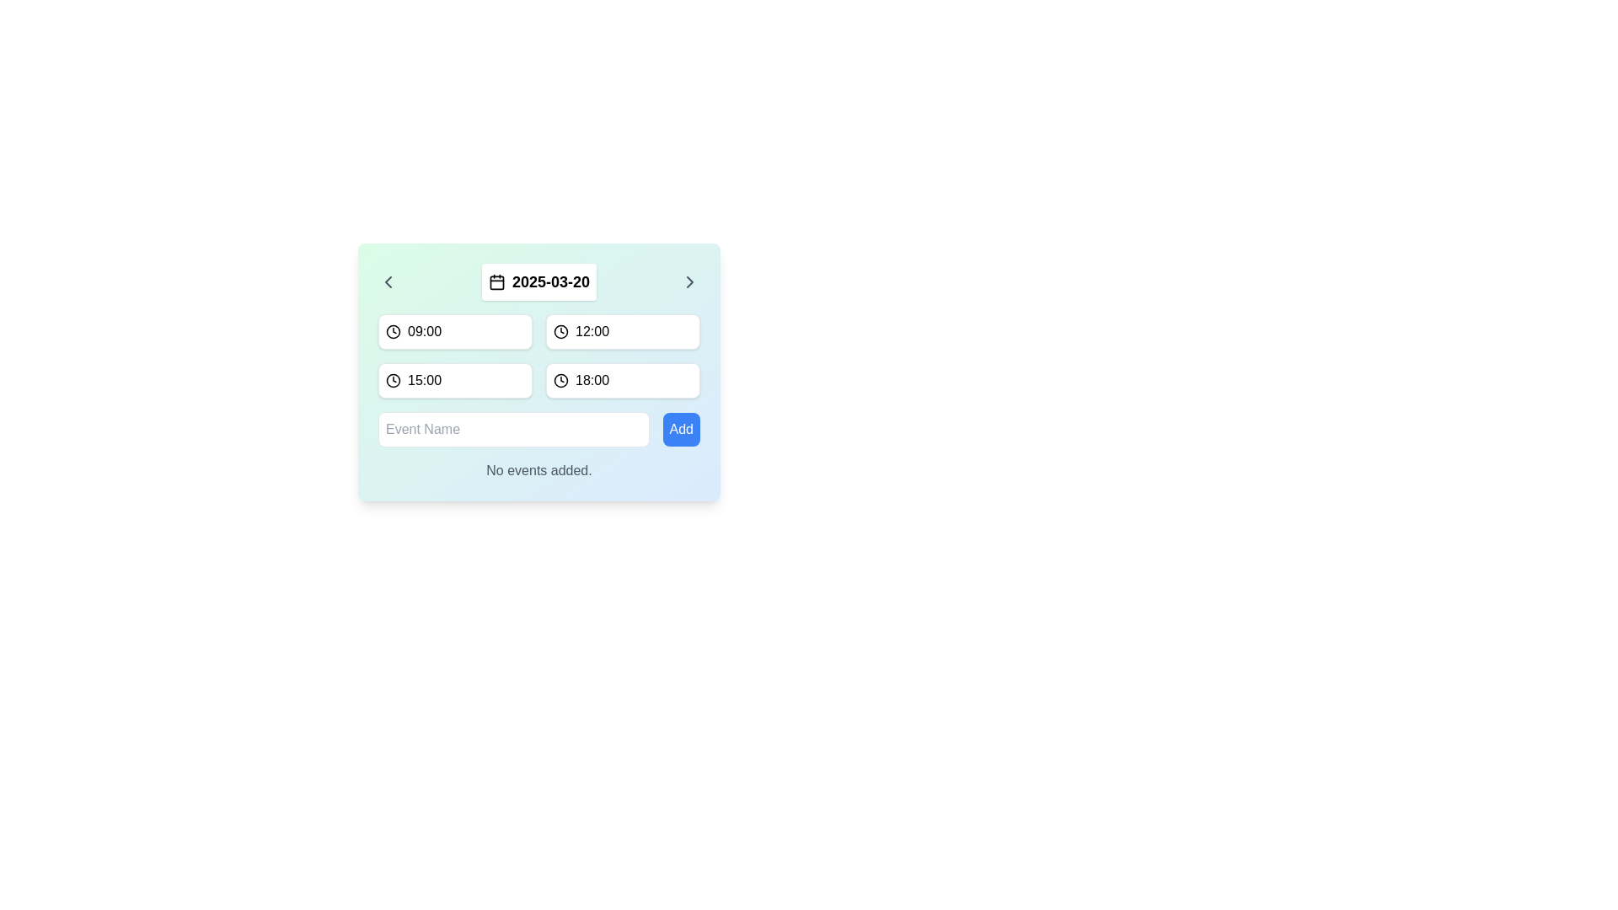 The width and height of the screenshot is (1618, 910). Describe the element at coordinates (561, 380) in the screenshot. I see `the clock icon located to the left of the time display '18:00'` at that location.